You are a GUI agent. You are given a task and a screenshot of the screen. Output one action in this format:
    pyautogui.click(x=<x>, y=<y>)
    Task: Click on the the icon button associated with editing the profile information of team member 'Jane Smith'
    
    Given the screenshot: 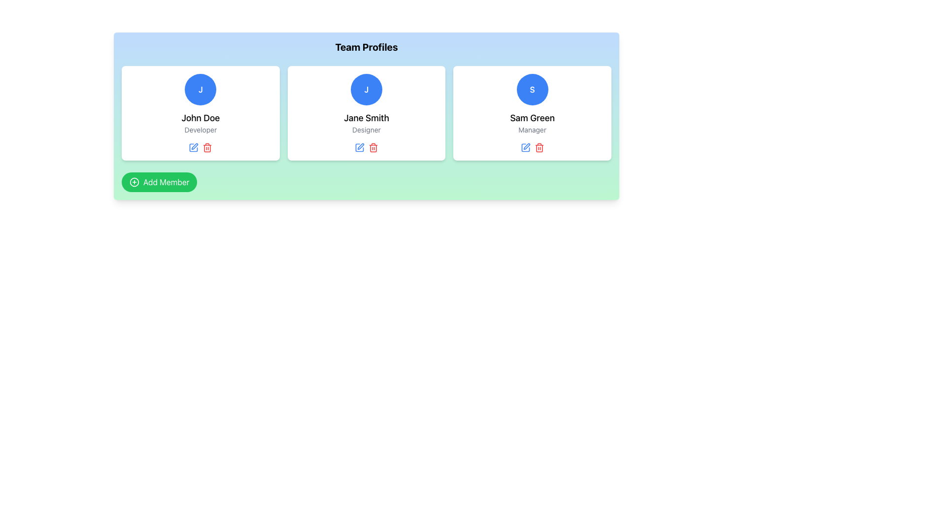 What is the action you would take?
    pyautogui.click(x=195, y=146)
    